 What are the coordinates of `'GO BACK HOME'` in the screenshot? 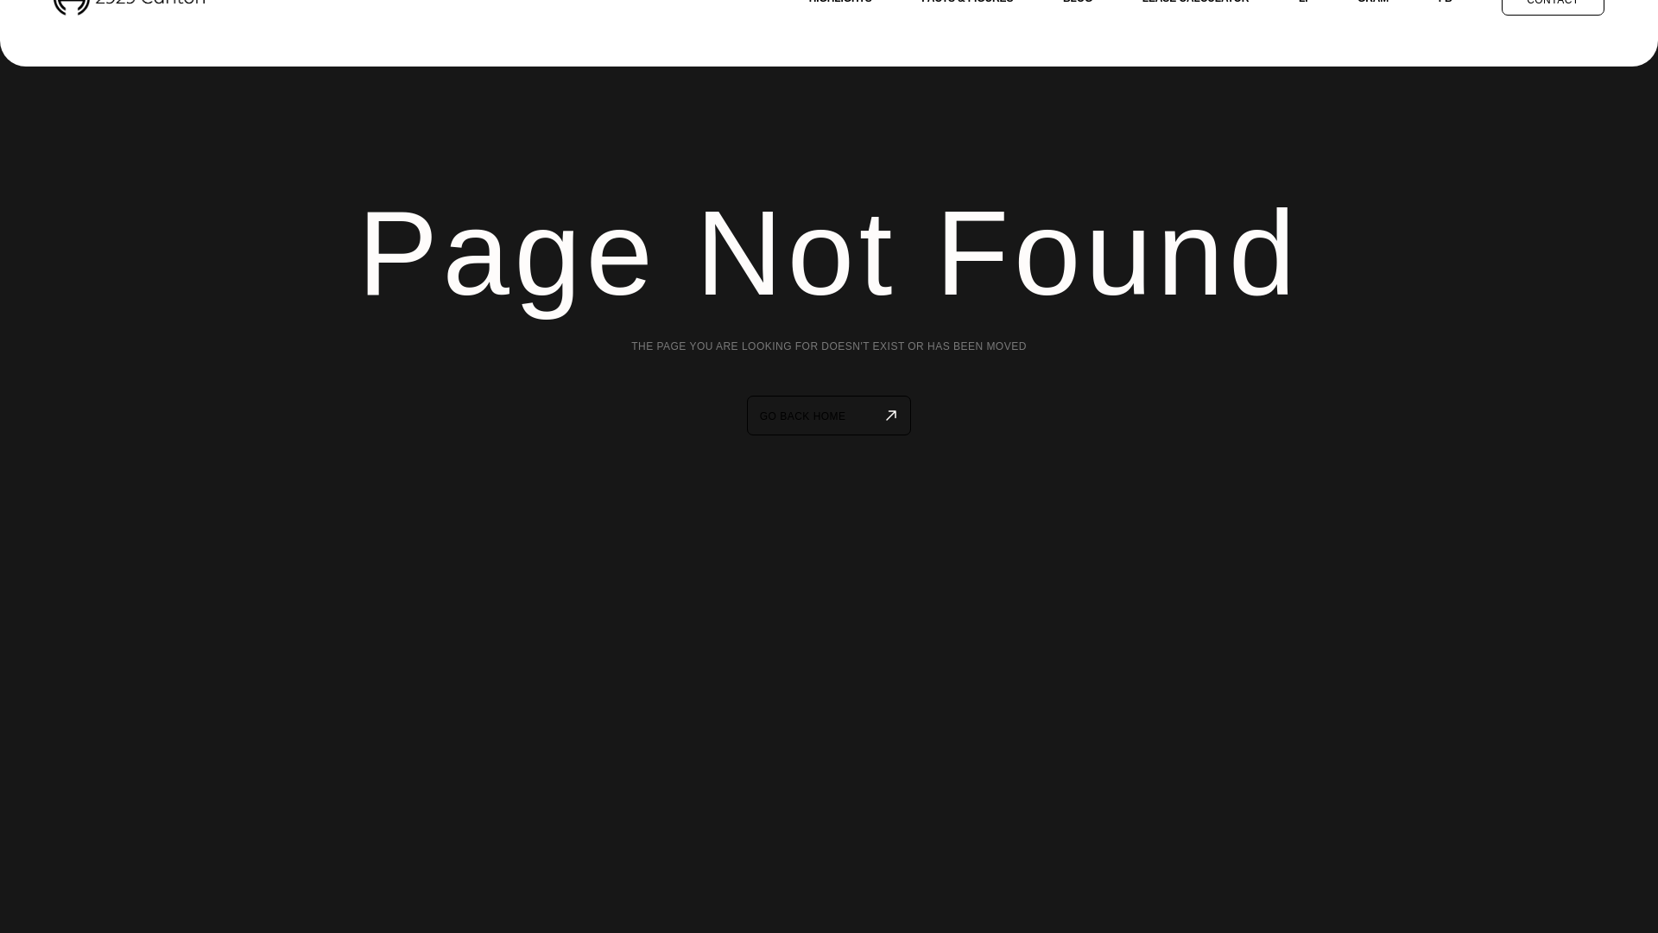 It's located at (746, 416).